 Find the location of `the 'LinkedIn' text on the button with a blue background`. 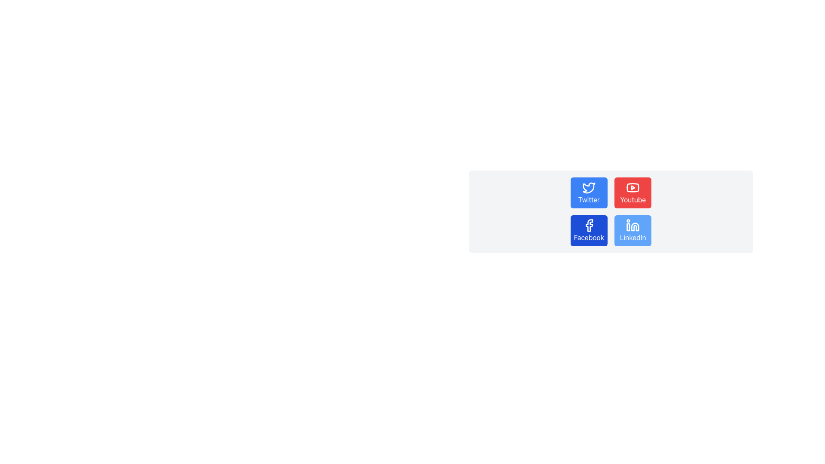

the 'LinkedIn' text on the button with a blue background is located at coordinates (633, 237).